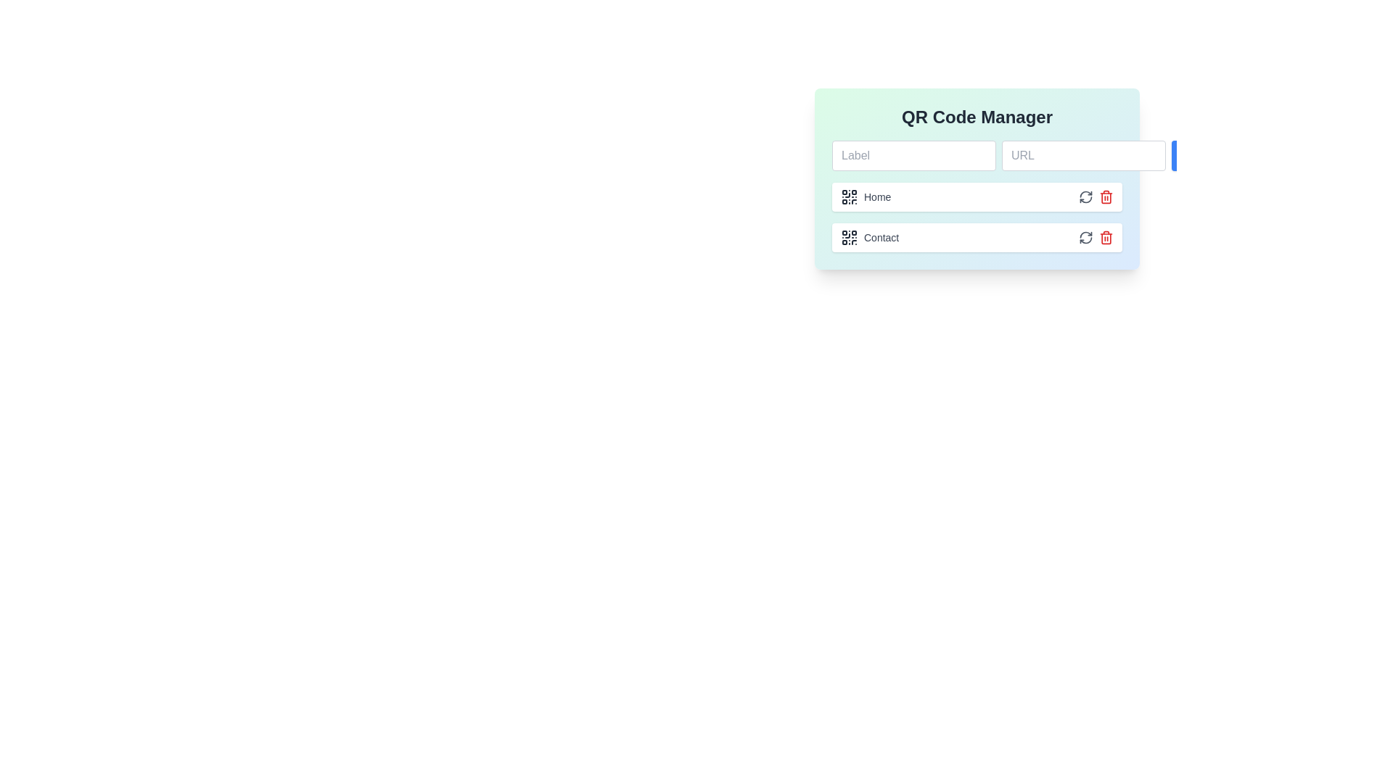 The width and height of the screenshot is (1393, 783). I want to click on the delete icon button located on the far right of the second row in the 'QR Code Manager' interface, so click(1106, 236).